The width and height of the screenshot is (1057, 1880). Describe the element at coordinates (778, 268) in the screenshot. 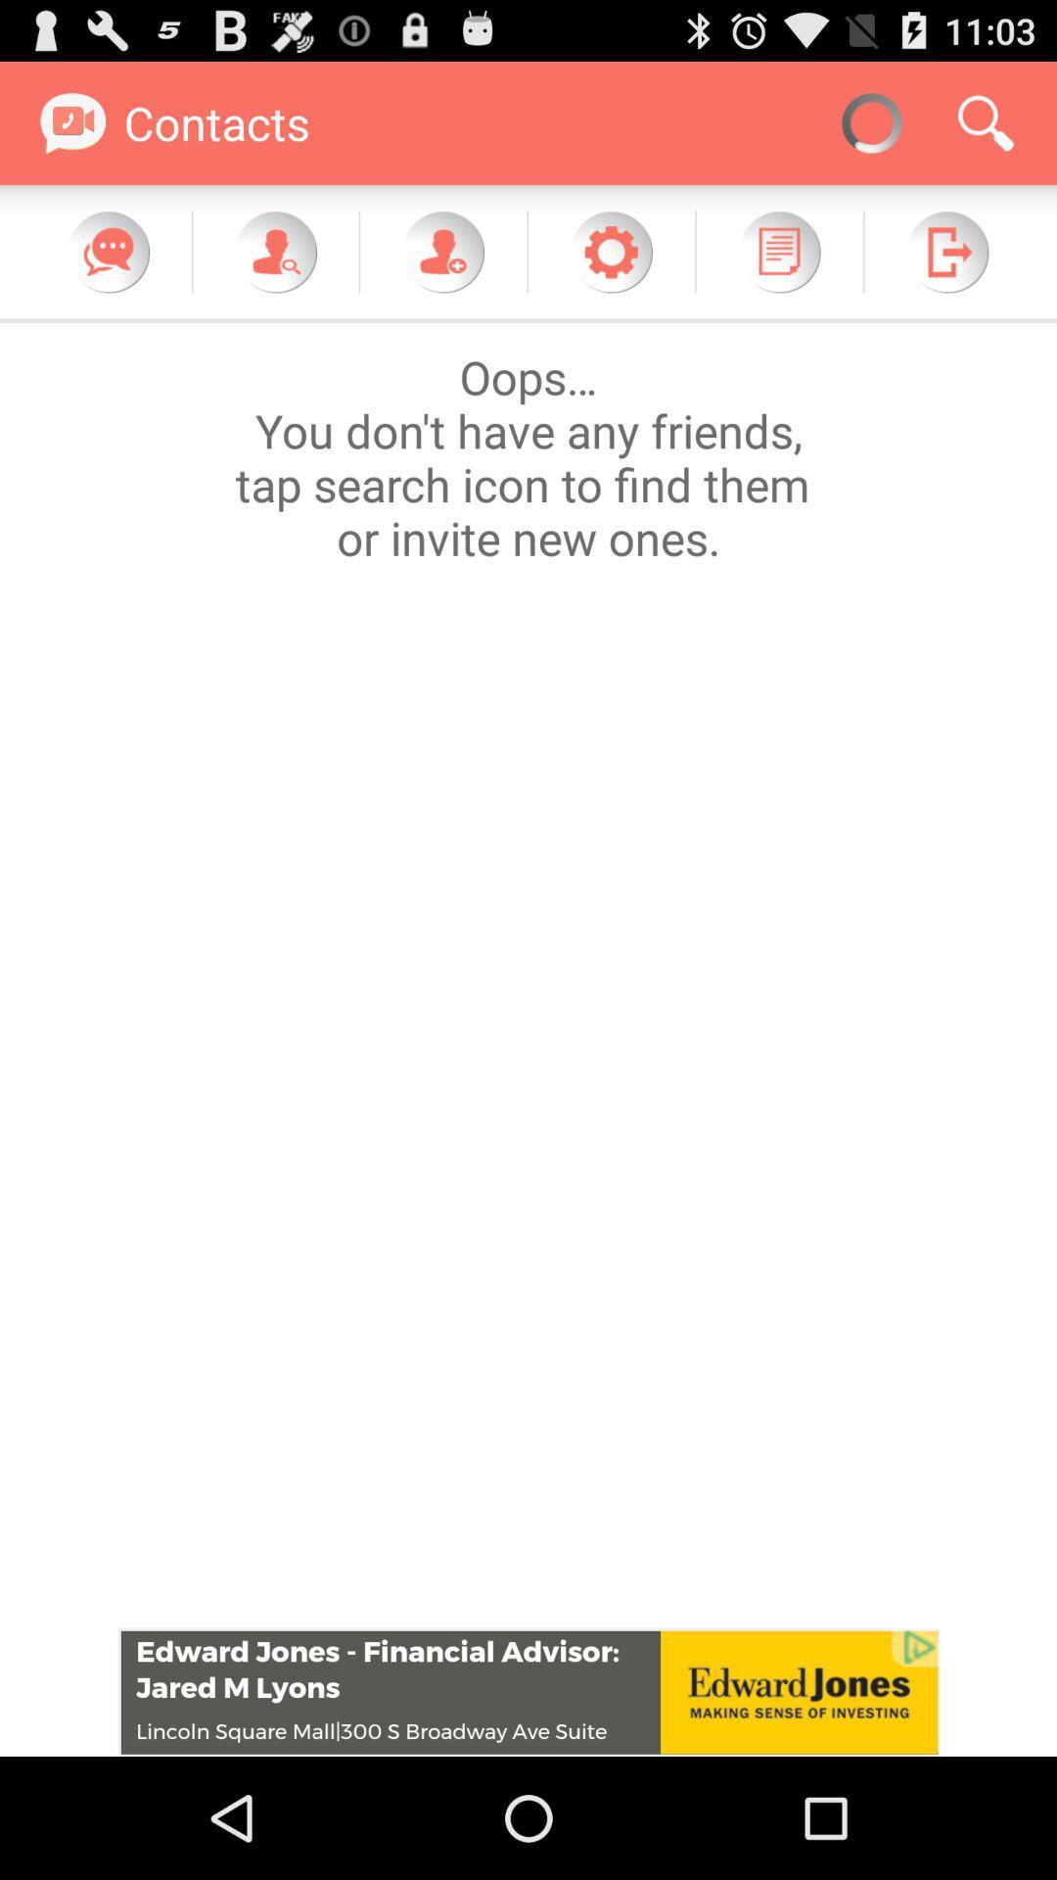

I see `the copy icon` at that location.